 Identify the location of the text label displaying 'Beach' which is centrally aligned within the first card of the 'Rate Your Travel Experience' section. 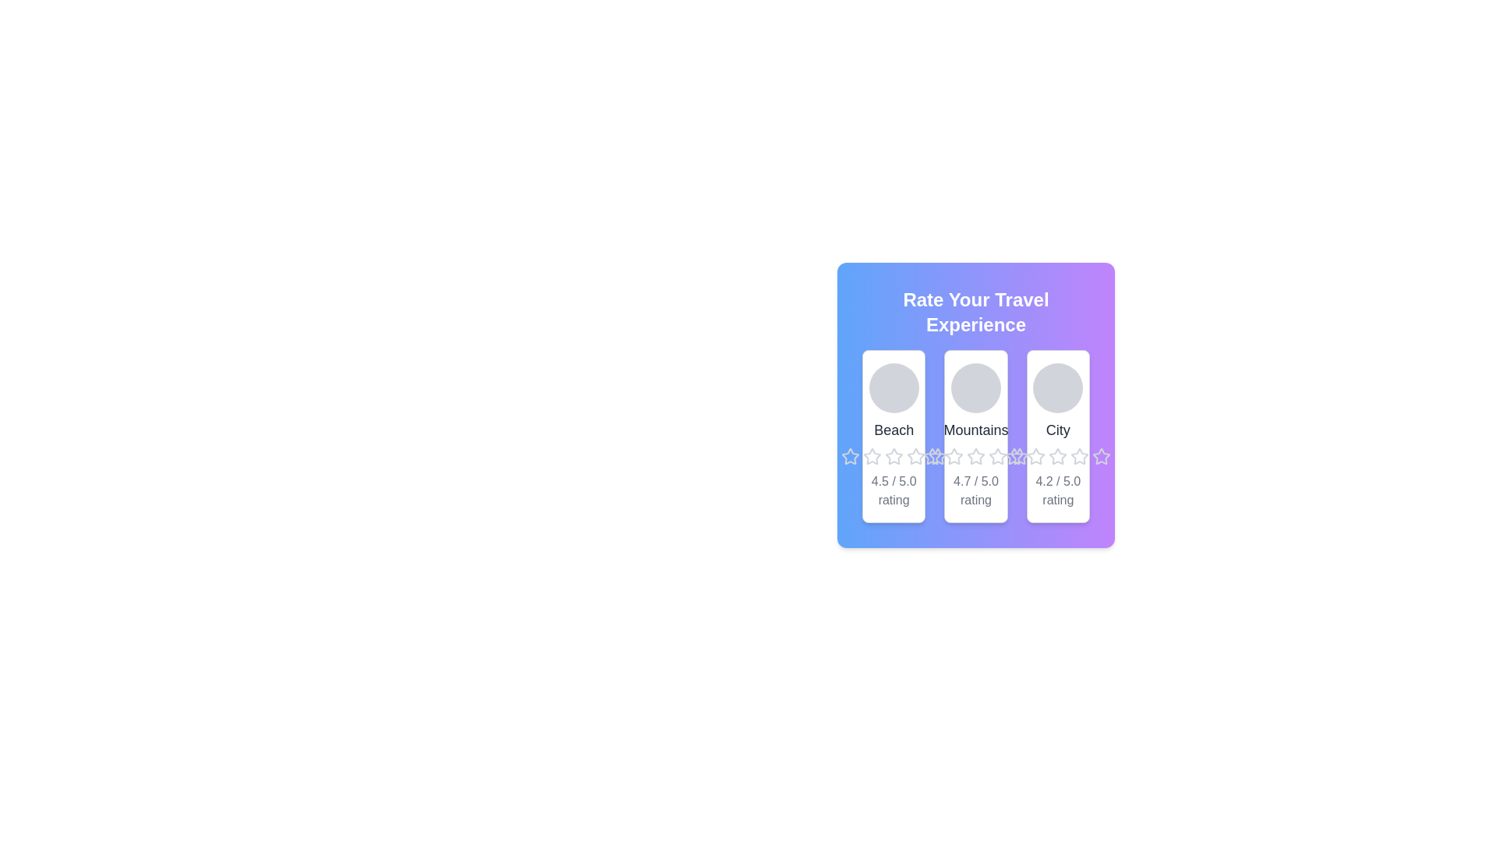
(894, 430).